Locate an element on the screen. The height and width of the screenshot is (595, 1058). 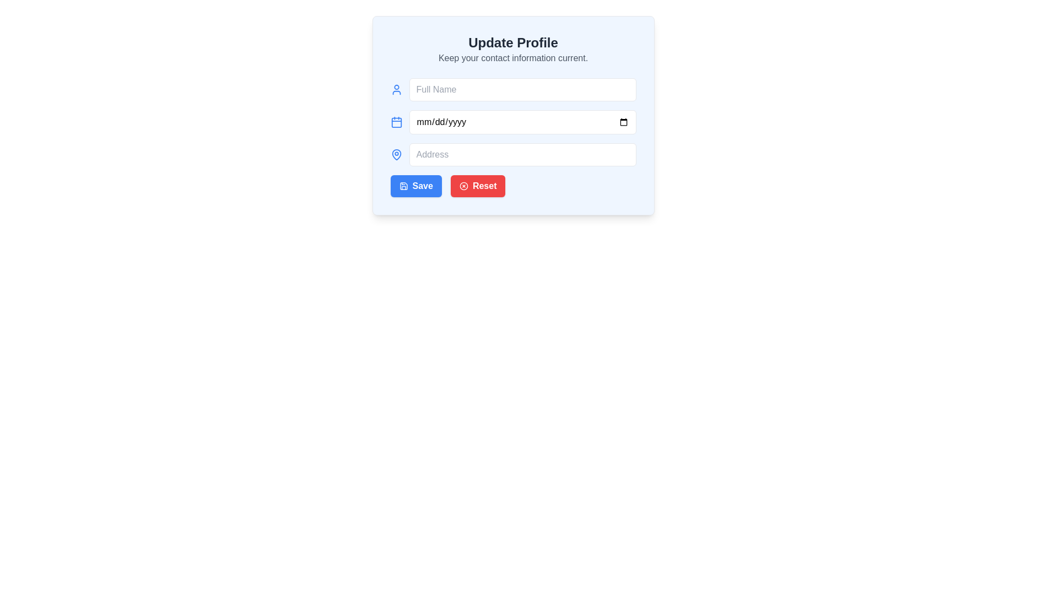
the blue calendar icon next to the 'mm/dd/yyyy' date input field is located at coordinates (396, 122).